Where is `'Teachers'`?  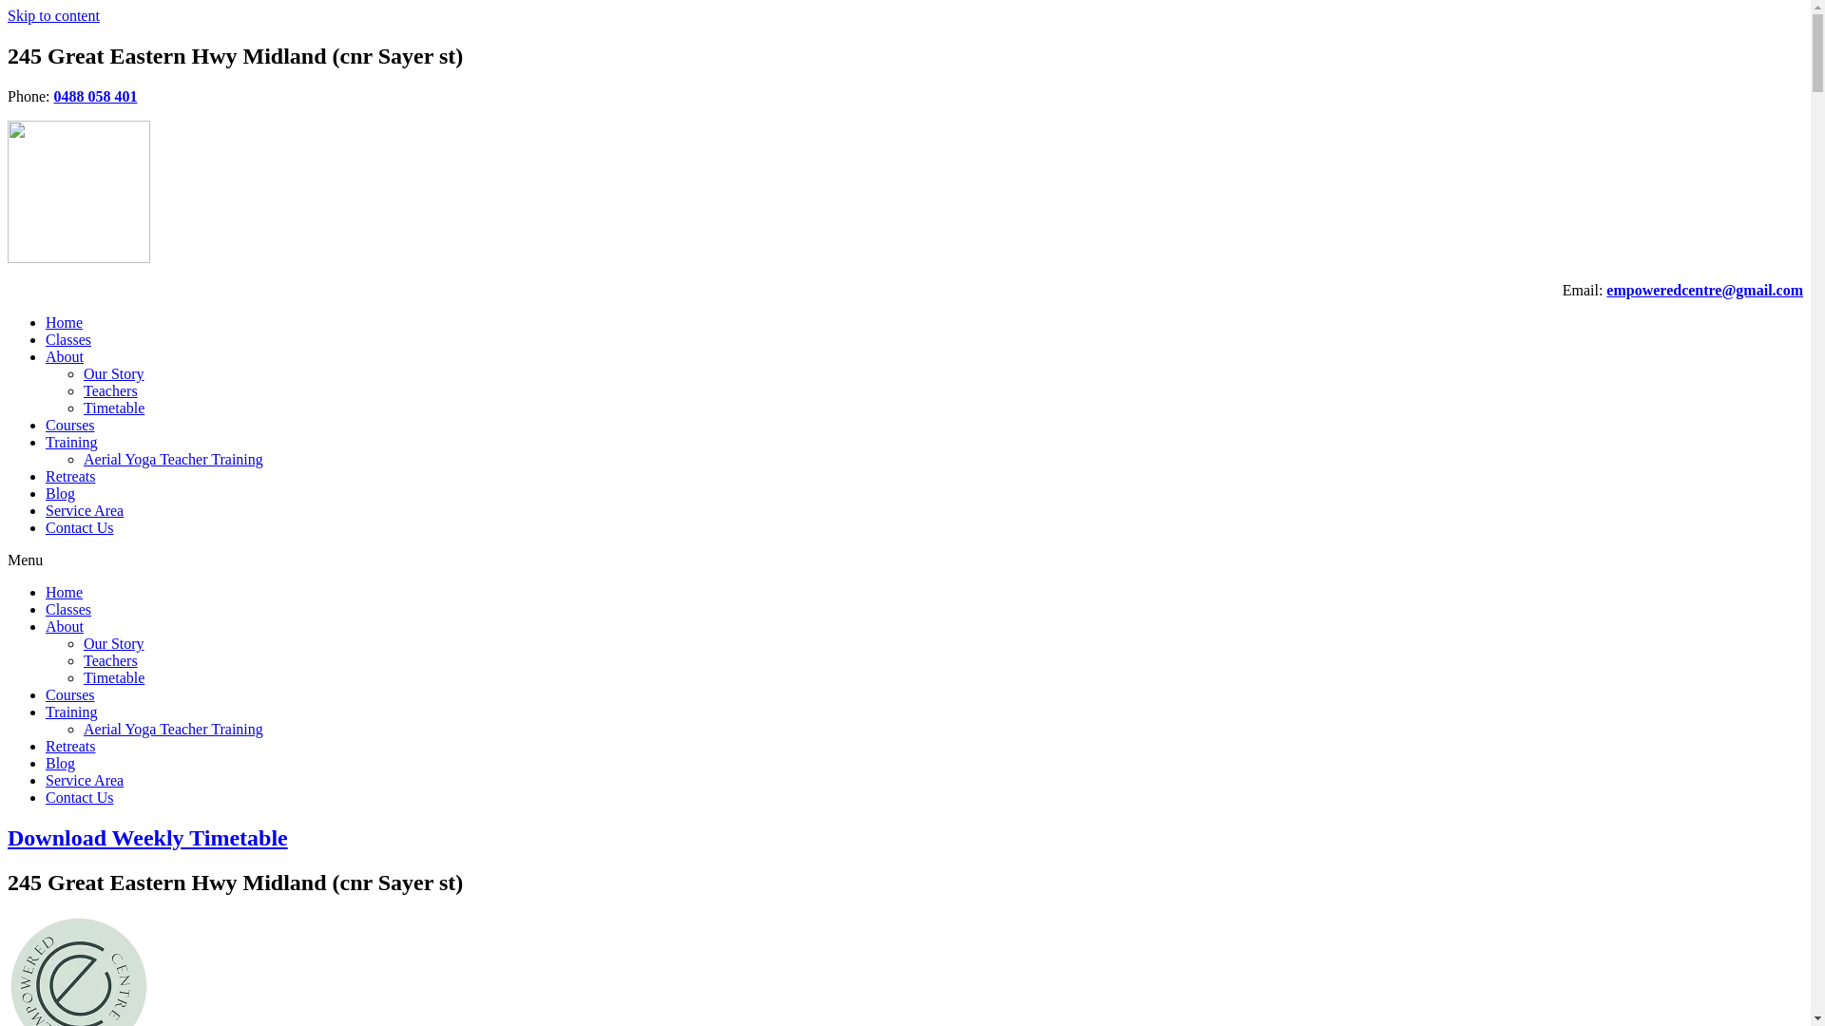
'Teachers' is located at coordinates (109, 389).